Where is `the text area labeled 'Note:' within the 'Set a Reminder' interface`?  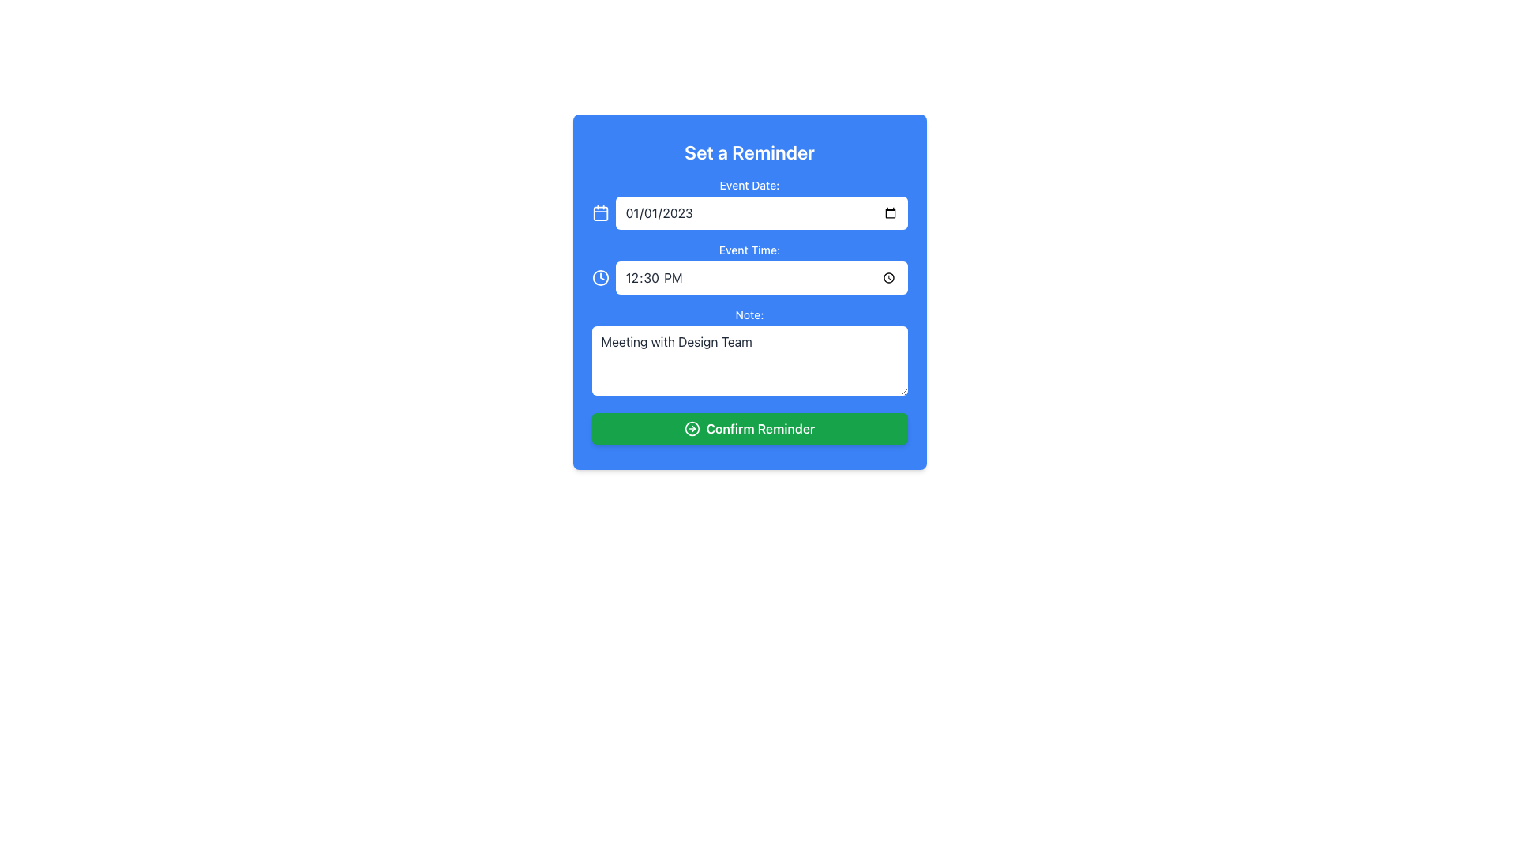 the text area labeled 'Note:' within the 'Set a Reminder' interface is located at coordinates (749, 352).